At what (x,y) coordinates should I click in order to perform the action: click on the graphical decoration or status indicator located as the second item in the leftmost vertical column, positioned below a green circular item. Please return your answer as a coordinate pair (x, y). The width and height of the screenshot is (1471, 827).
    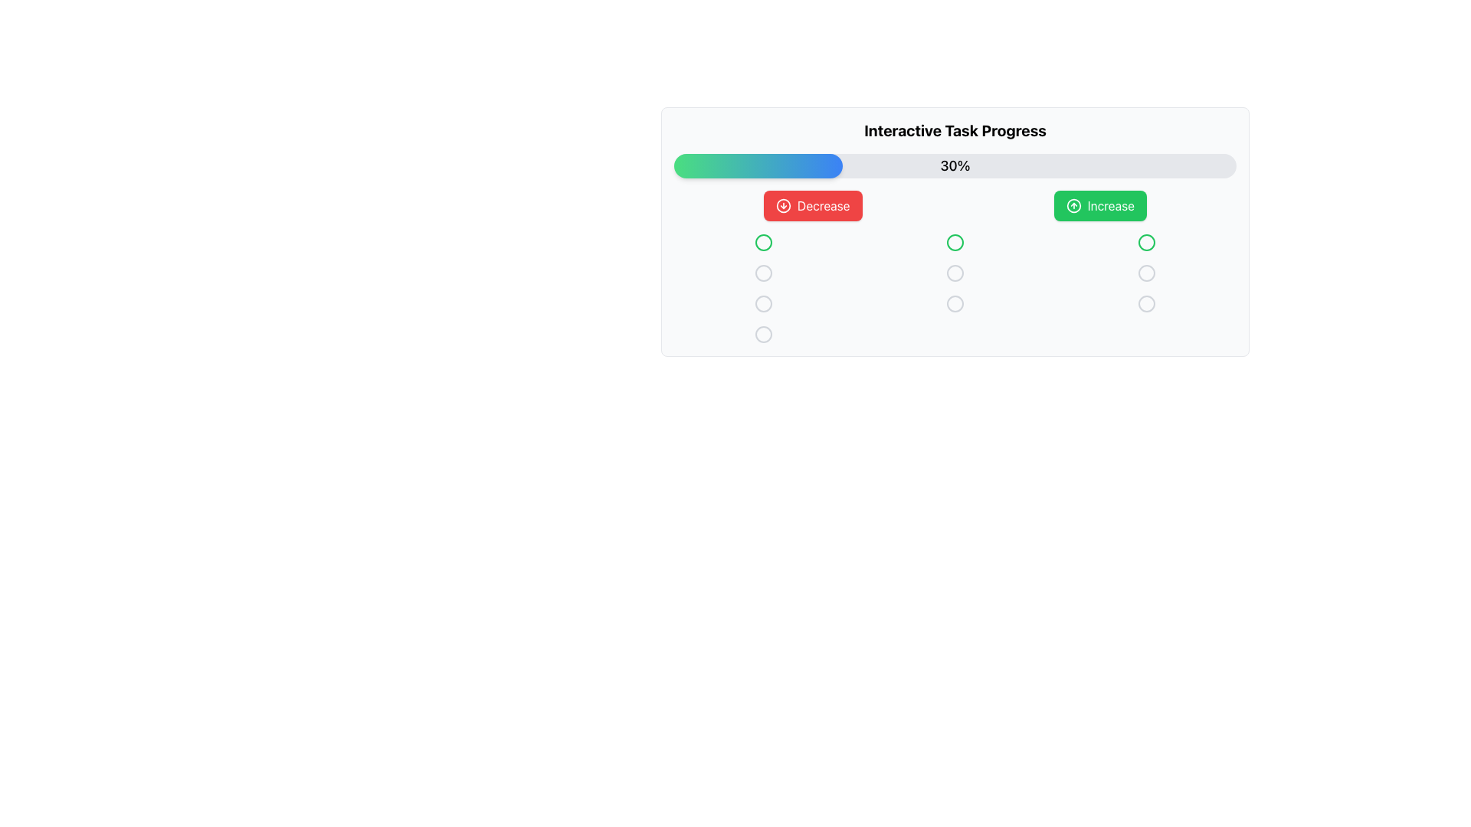
    Looking at the image, I should click on (764, 304).